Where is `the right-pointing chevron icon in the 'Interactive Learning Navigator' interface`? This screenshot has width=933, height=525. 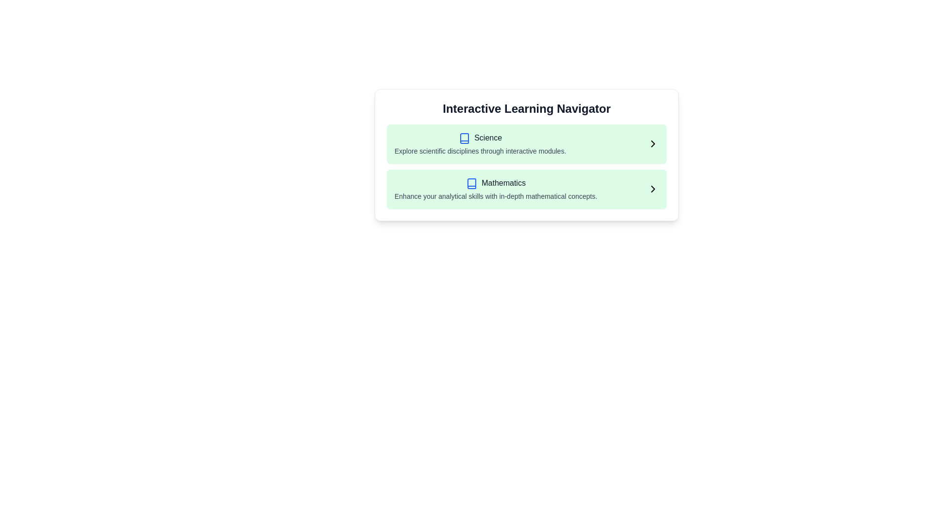
the right-pointing chevron icon in the 'Interactive Learning Navigator' interface is located at coordinates (653, 189).